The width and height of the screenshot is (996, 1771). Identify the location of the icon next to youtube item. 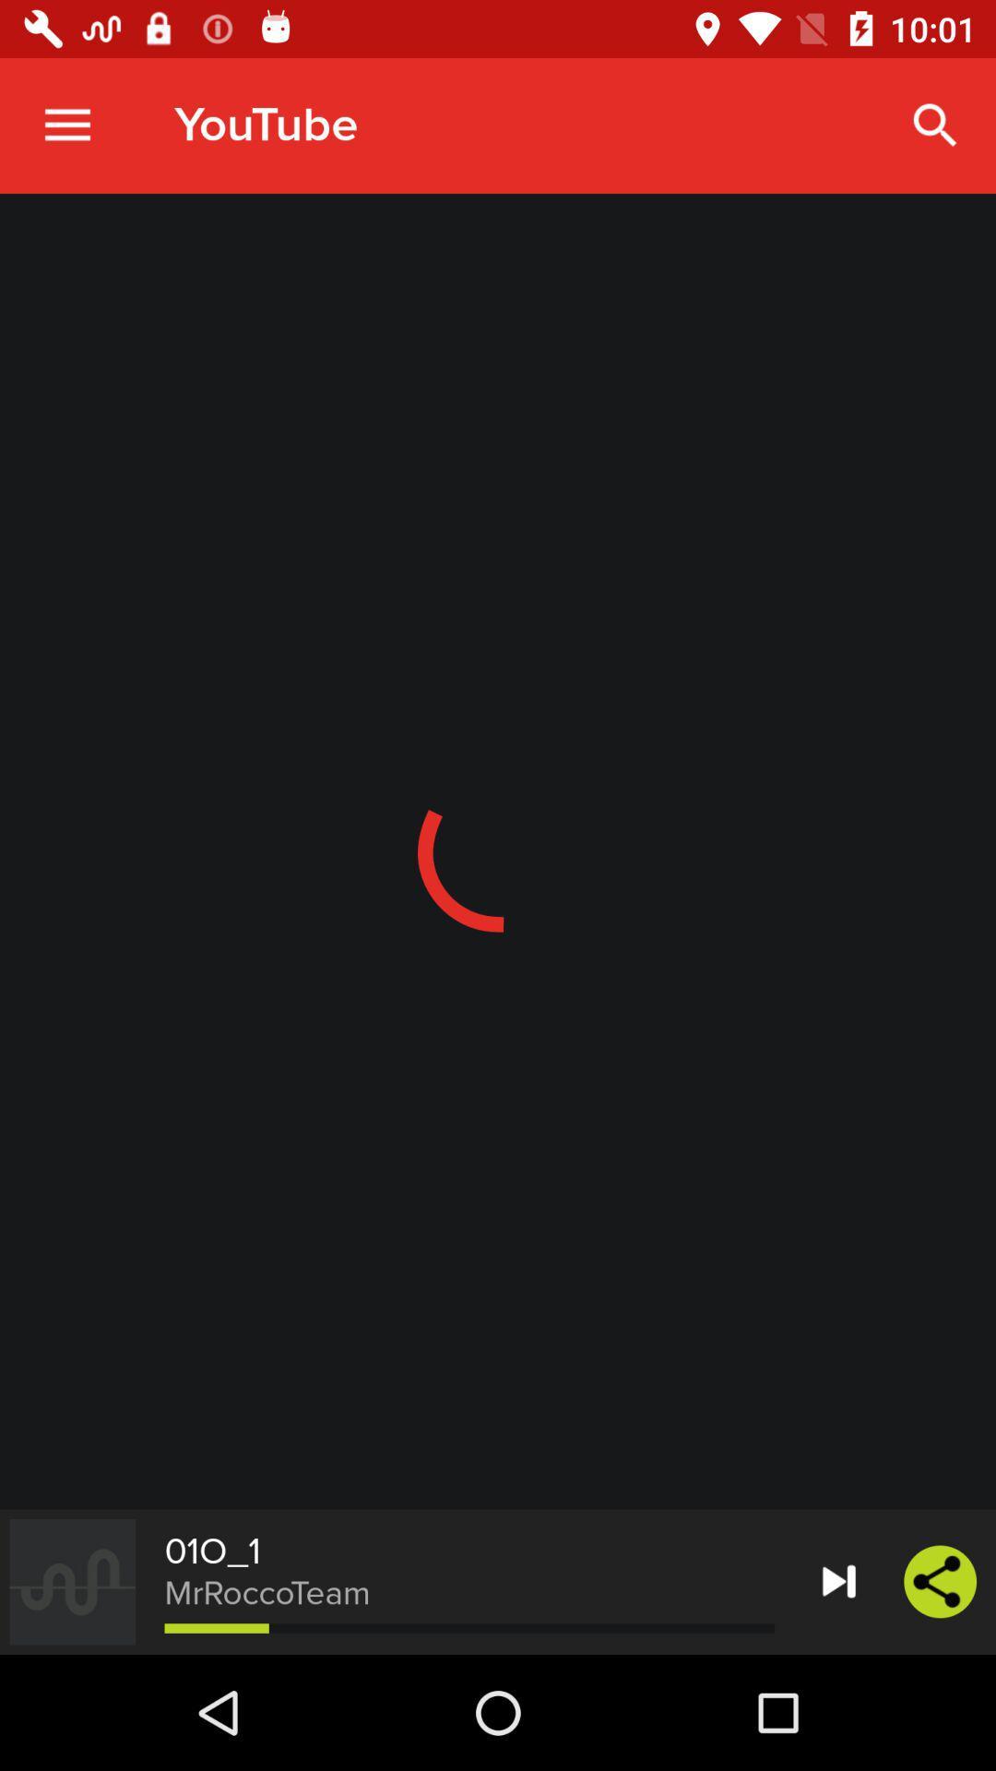
(66, 125).